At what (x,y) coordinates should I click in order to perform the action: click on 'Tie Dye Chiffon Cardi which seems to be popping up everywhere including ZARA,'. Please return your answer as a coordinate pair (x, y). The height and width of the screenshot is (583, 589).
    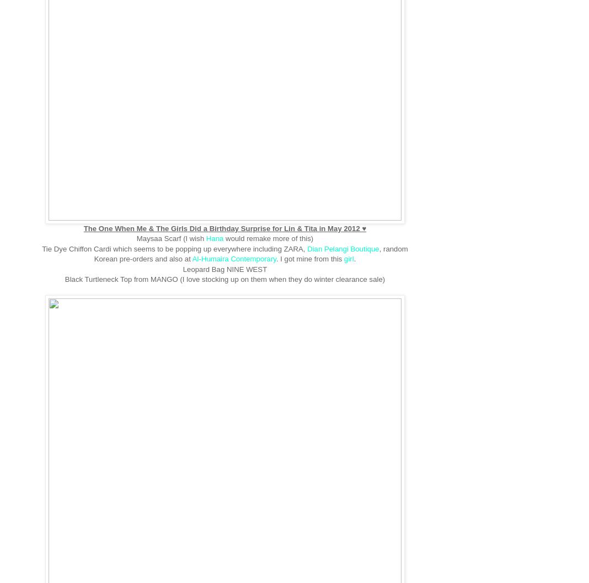
    Looking at the image, I should click on (174, 248).